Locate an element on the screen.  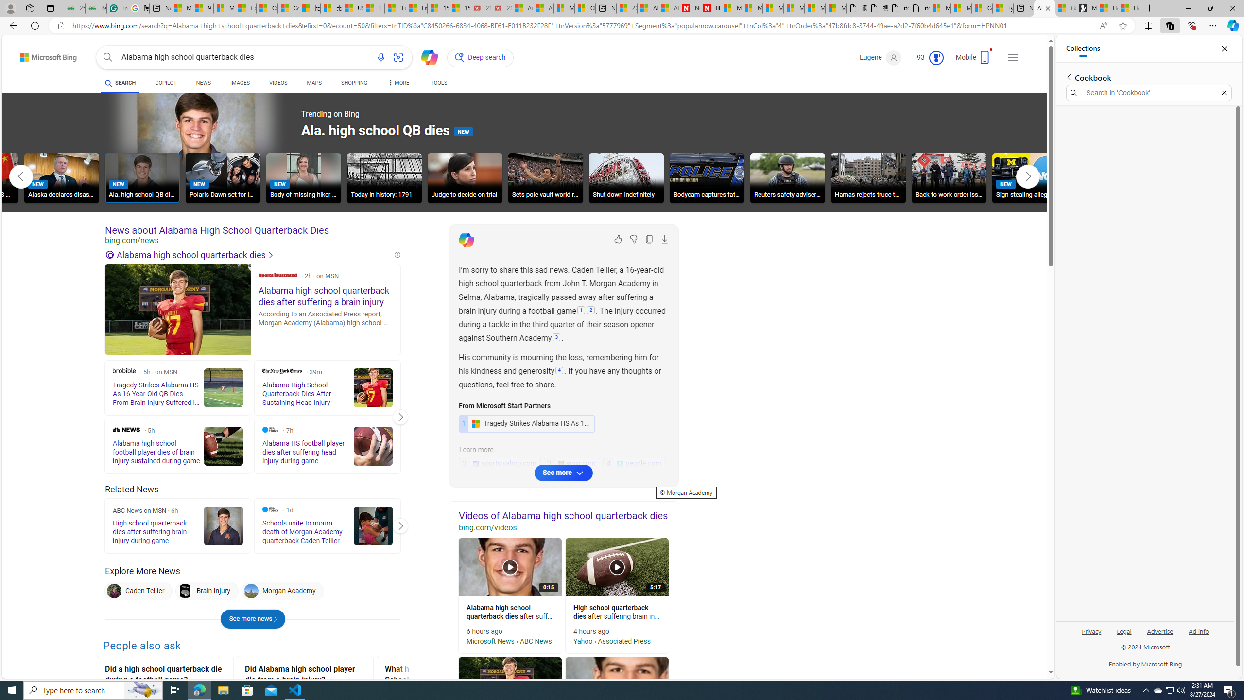
'Sets pole vault world record' is located at coordinates (545, 177).